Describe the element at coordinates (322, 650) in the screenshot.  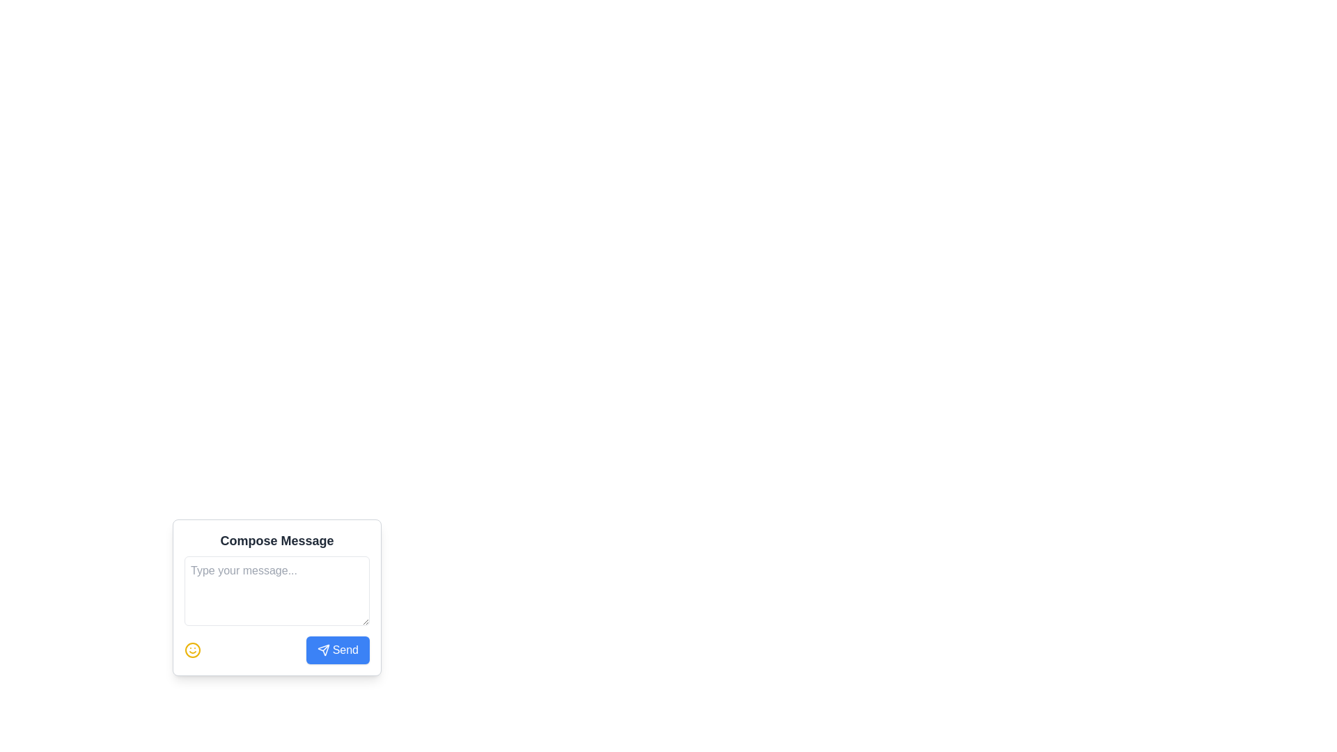
I see `the paper airplane icon located to the left of the 'Send' text within the blue rectangular button at the bottom-right corner of the message composition box` at that location.